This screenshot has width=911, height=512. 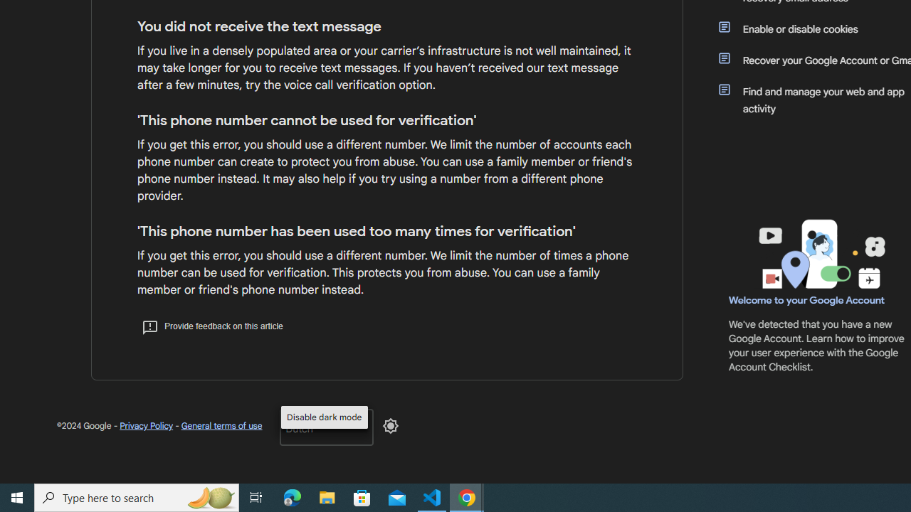 I want to click on 'Learning Center home page image', so click(x=820, y=253).